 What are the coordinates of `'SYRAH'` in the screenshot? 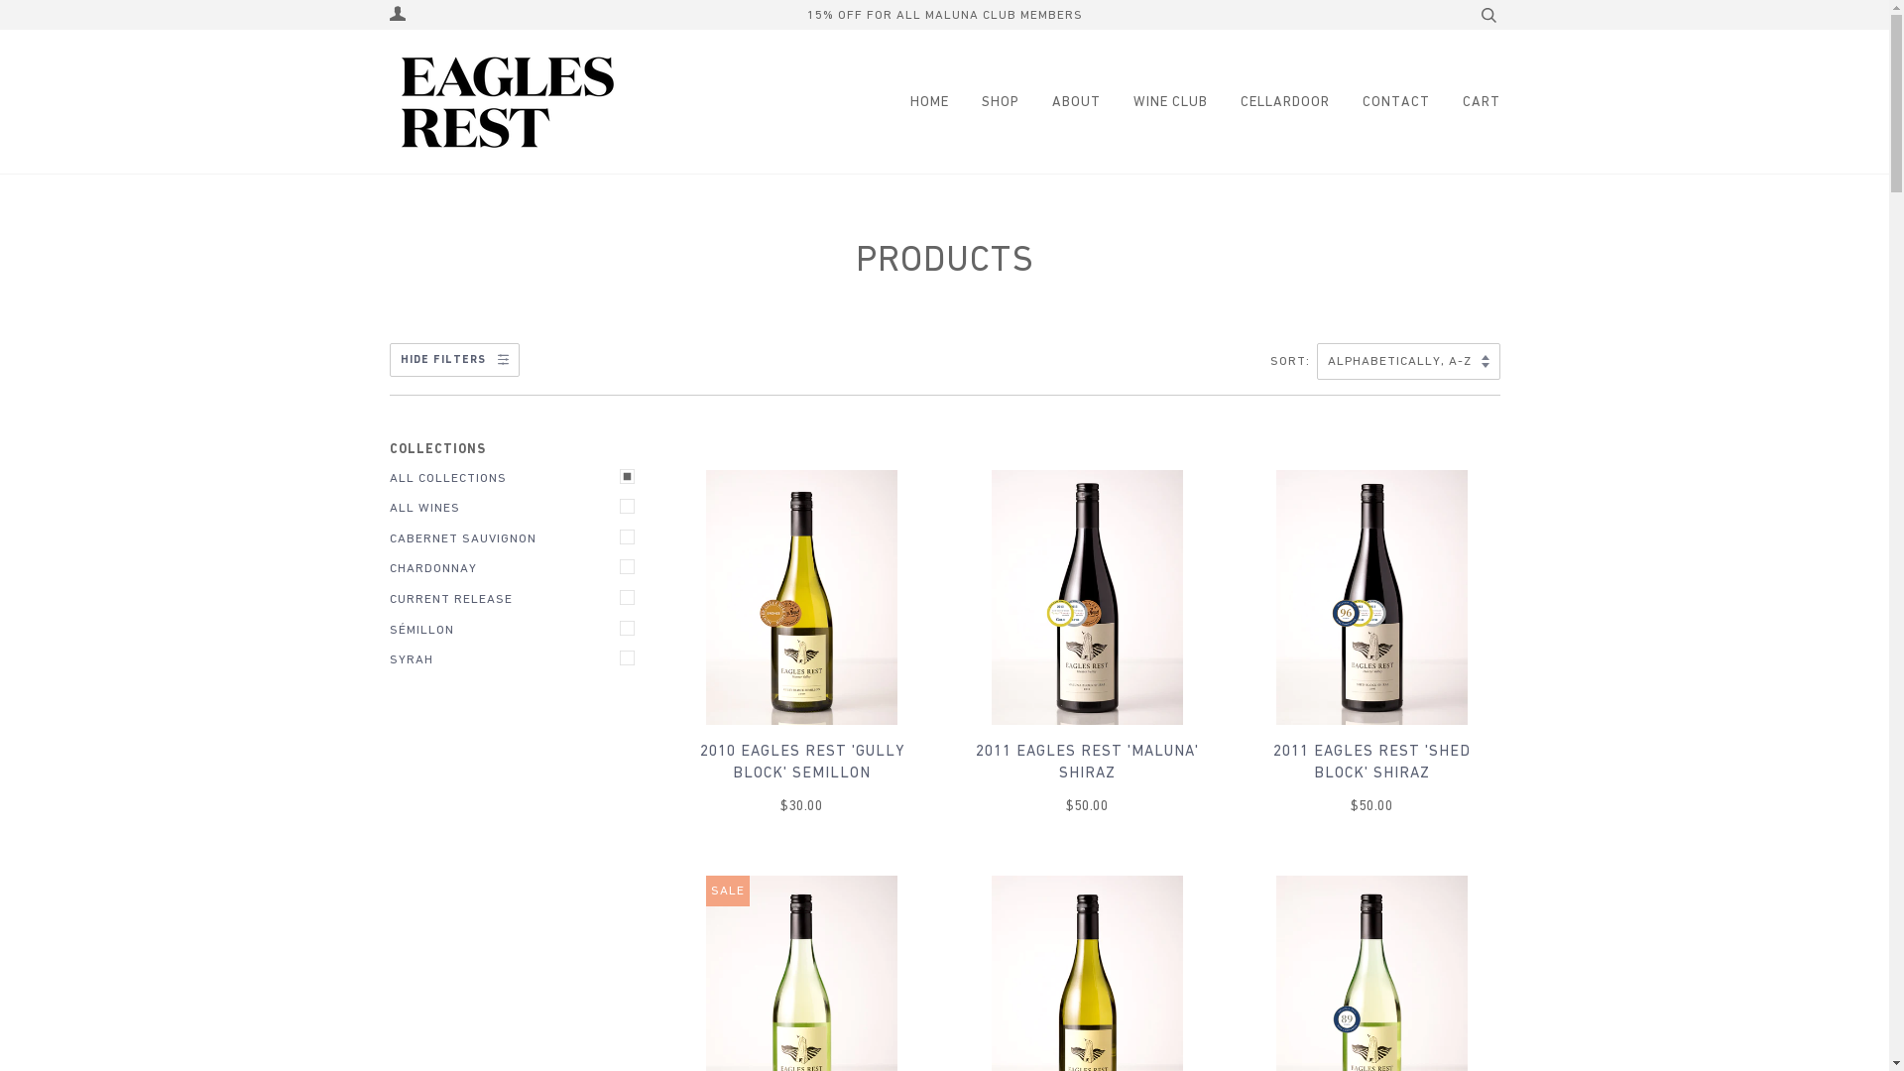 It's located at (517, 659).